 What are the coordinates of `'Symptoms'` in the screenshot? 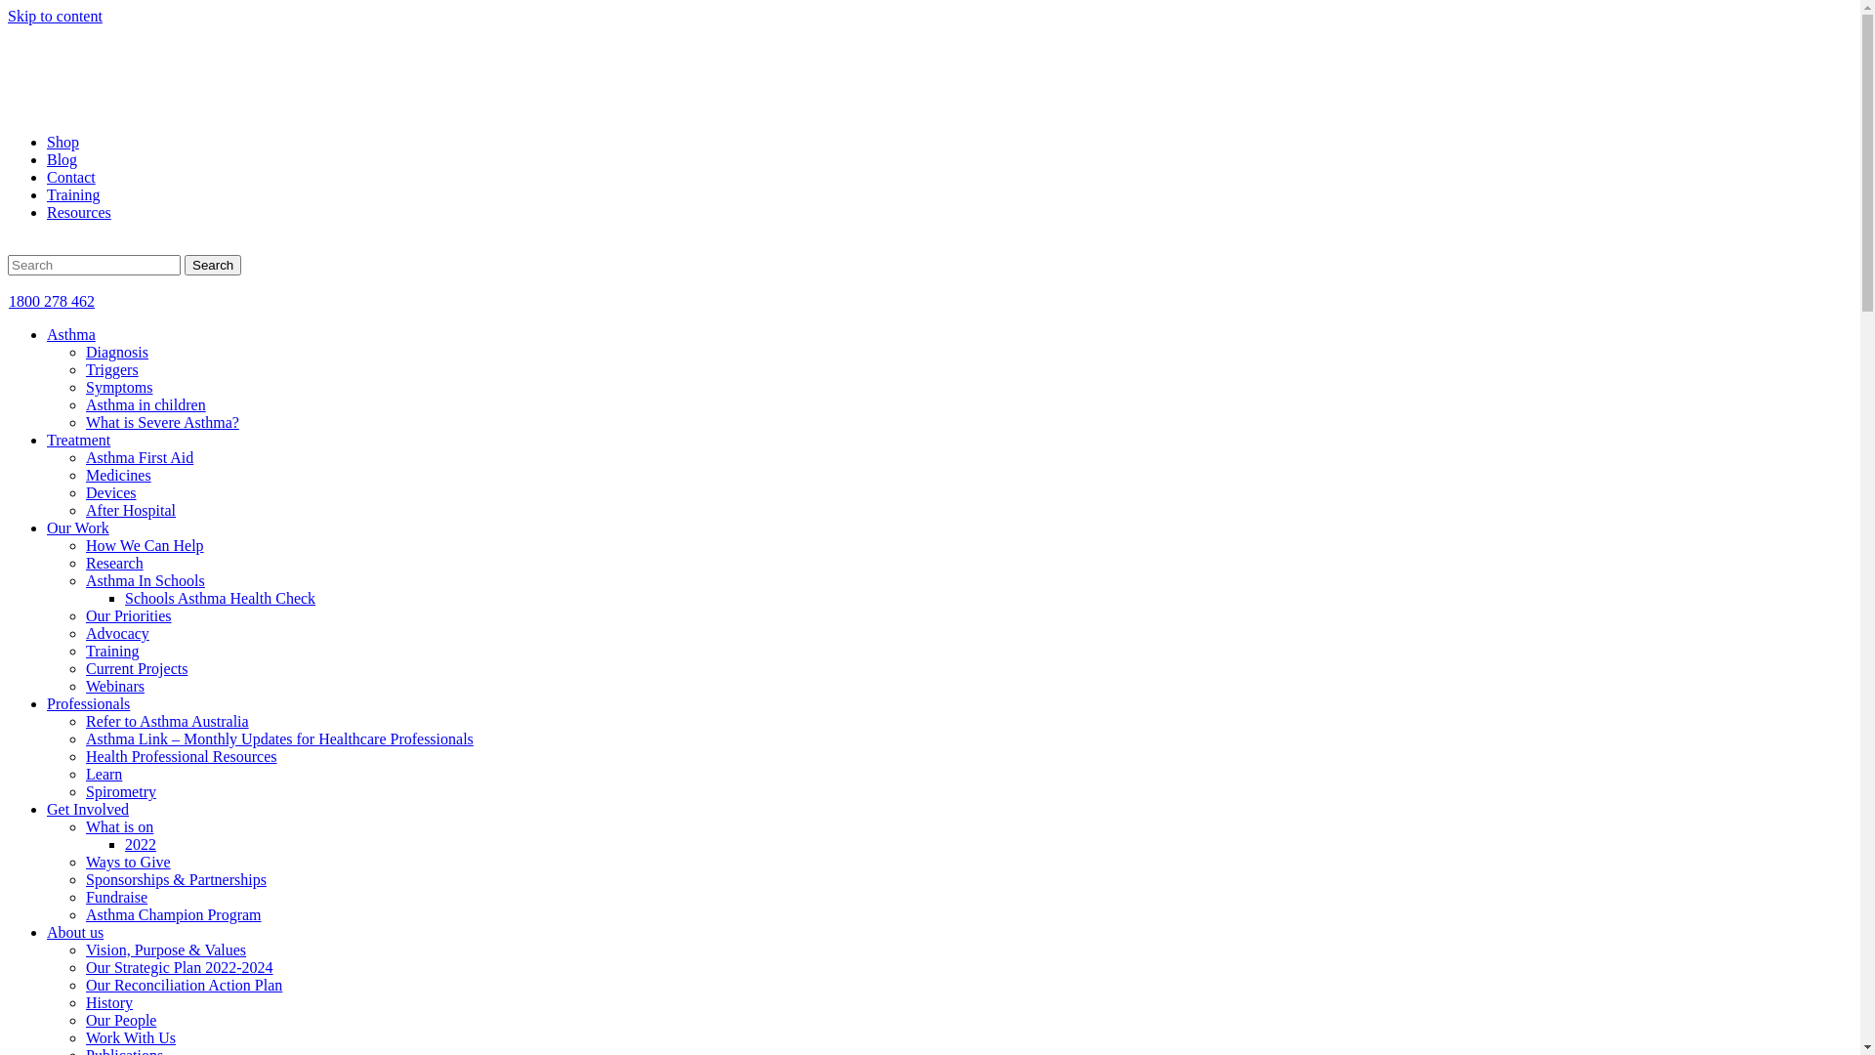 It's located at (84, 387).